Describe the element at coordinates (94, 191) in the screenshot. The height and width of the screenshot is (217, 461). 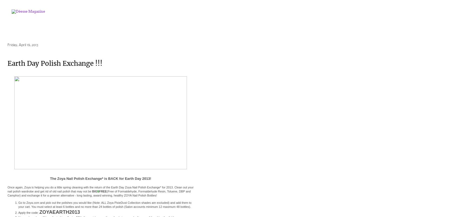
I see `'BIG'` at that location.